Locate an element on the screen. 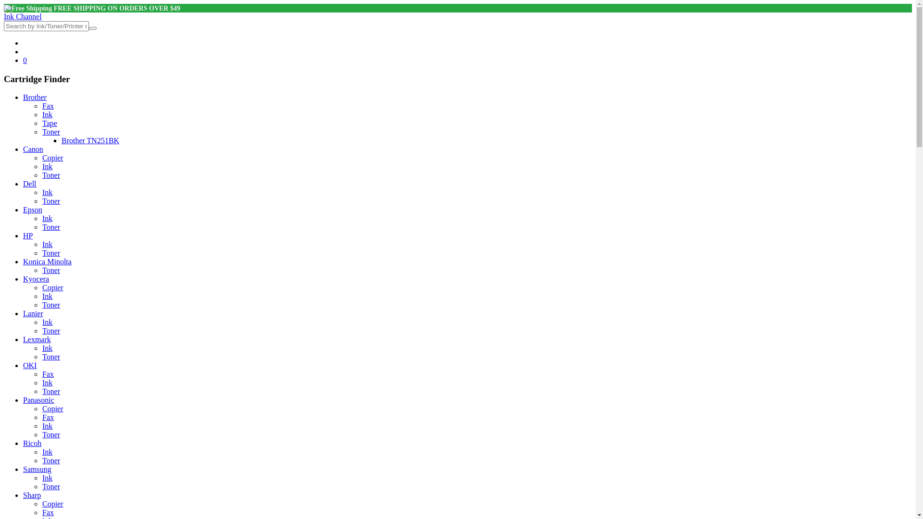 This screenshot has height=519, width=923. 'Lexmark' is located at coordinates (23, 339).